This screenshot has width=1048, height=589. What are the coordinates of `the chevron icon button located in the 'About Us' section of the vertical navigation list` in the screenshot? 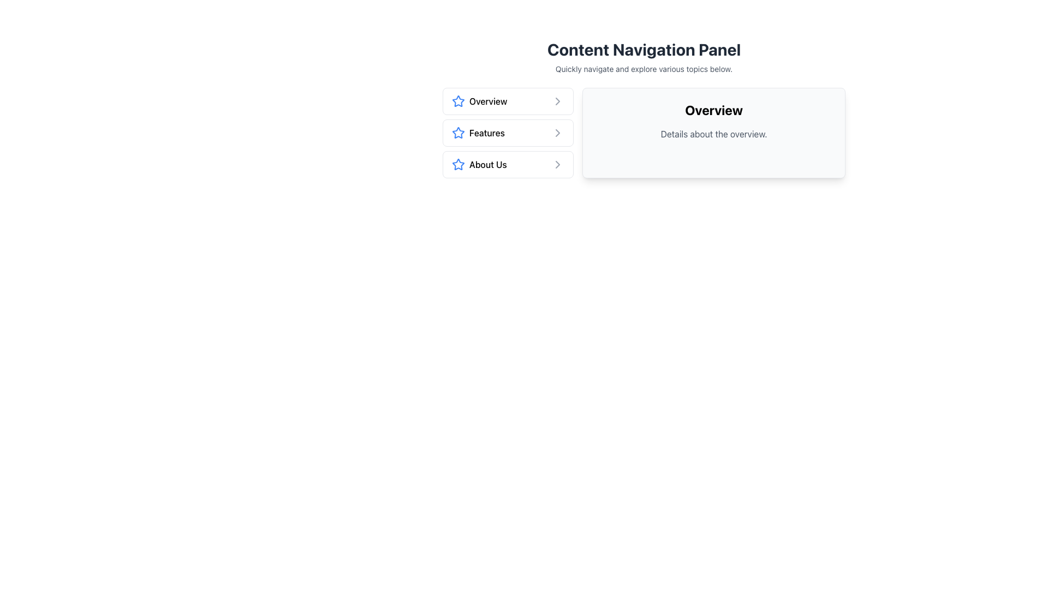 It's located at (558, 164).